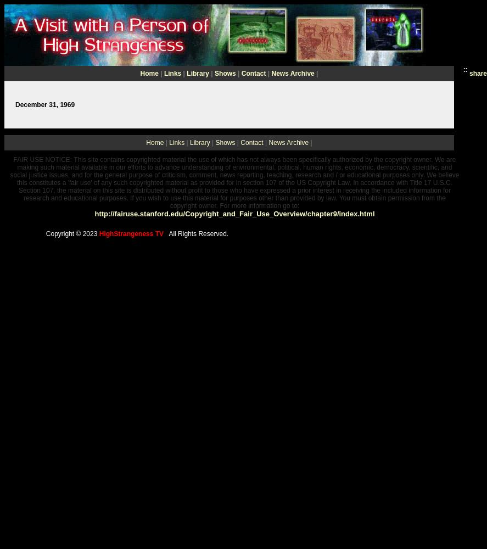 This screenshot has width=487, height=549. What do you see at coordinates (93, 214) in the screenshot?
I see `'http://fairuse.stanford.edu/Copyright_and_Fair_Use_Overview/chapter9/index.html'` at bounding box center [93, 214].